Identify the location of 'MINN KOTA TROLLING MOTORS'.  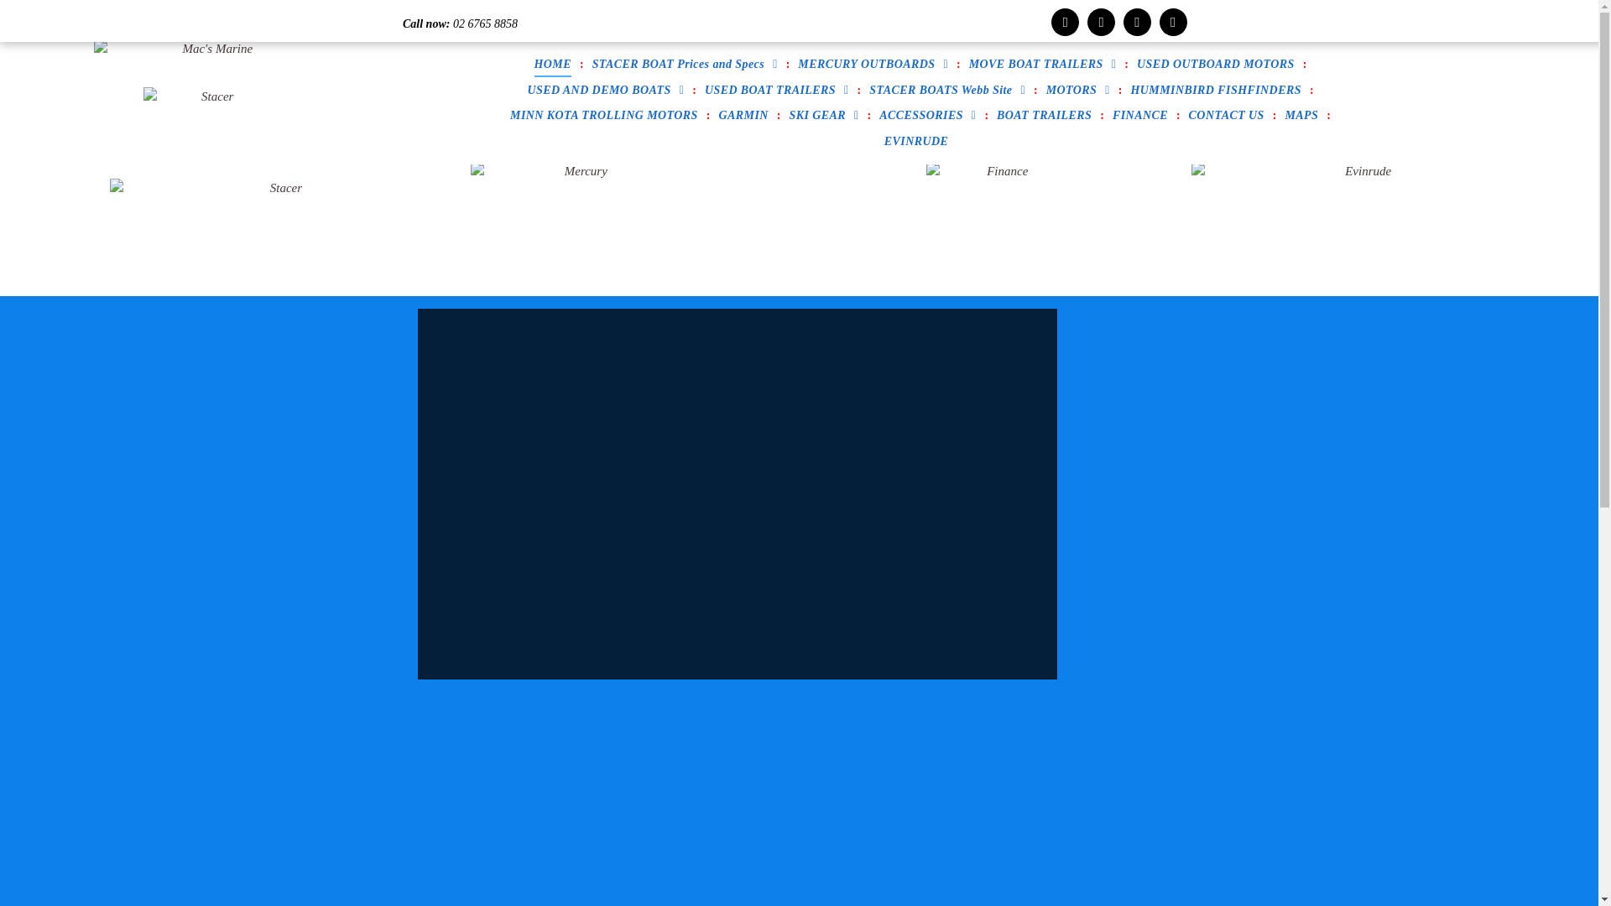
(604, 115).